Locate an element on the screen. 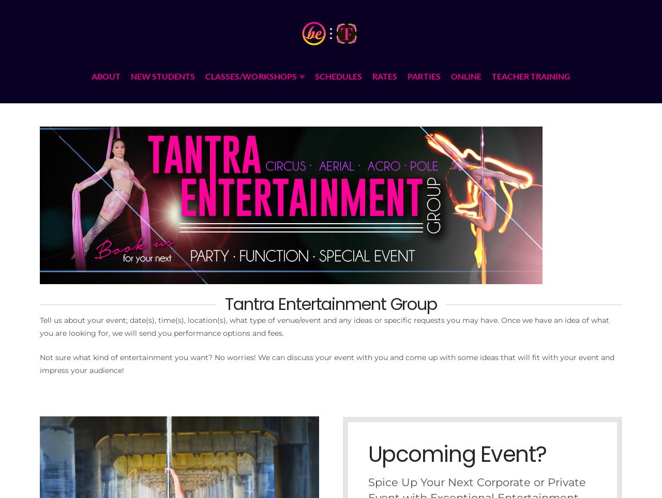 The image size is (662, 498). 'CLASSES/WORKSHOPS' is located at coordinates (205, 76).